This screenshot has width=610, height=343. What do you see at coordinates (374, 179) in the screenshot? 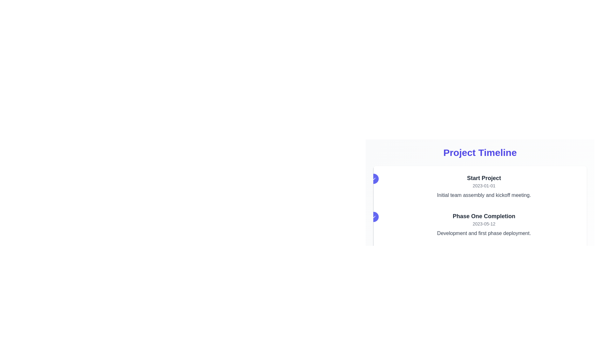
I see `the circular button with a solid indigo blue background and a downward-pointing chevron icon, located to the left of the 'Start Project' timeline entry` at bounding box center [374, 179].